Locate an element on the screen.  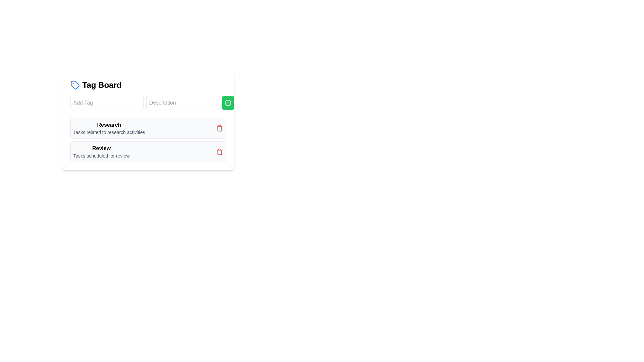
the text block displaying the category name 'Review' and its description 'Tasks scheduled for review', located in the second row of the list within the 'Tag Board' panel is located at coordinates (101, 152).